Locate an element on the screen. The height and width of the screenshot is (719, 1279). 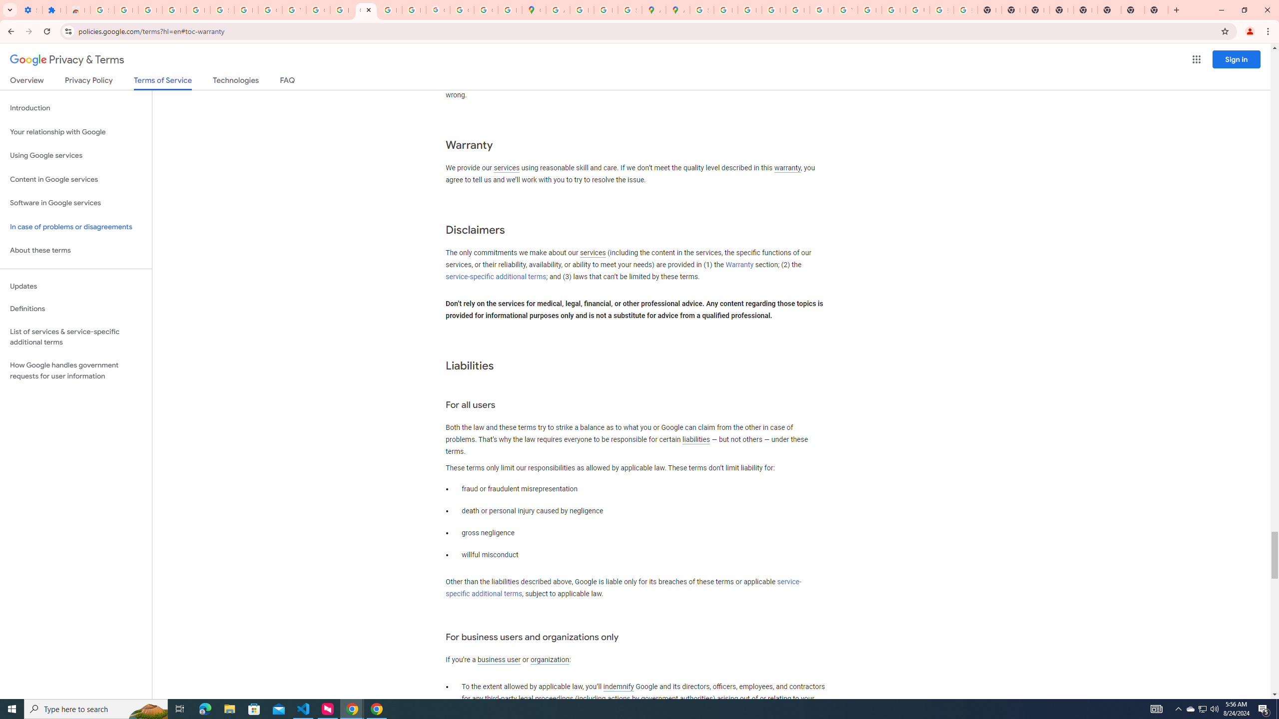
'Using Google services' is located at coordinates (75, 155).